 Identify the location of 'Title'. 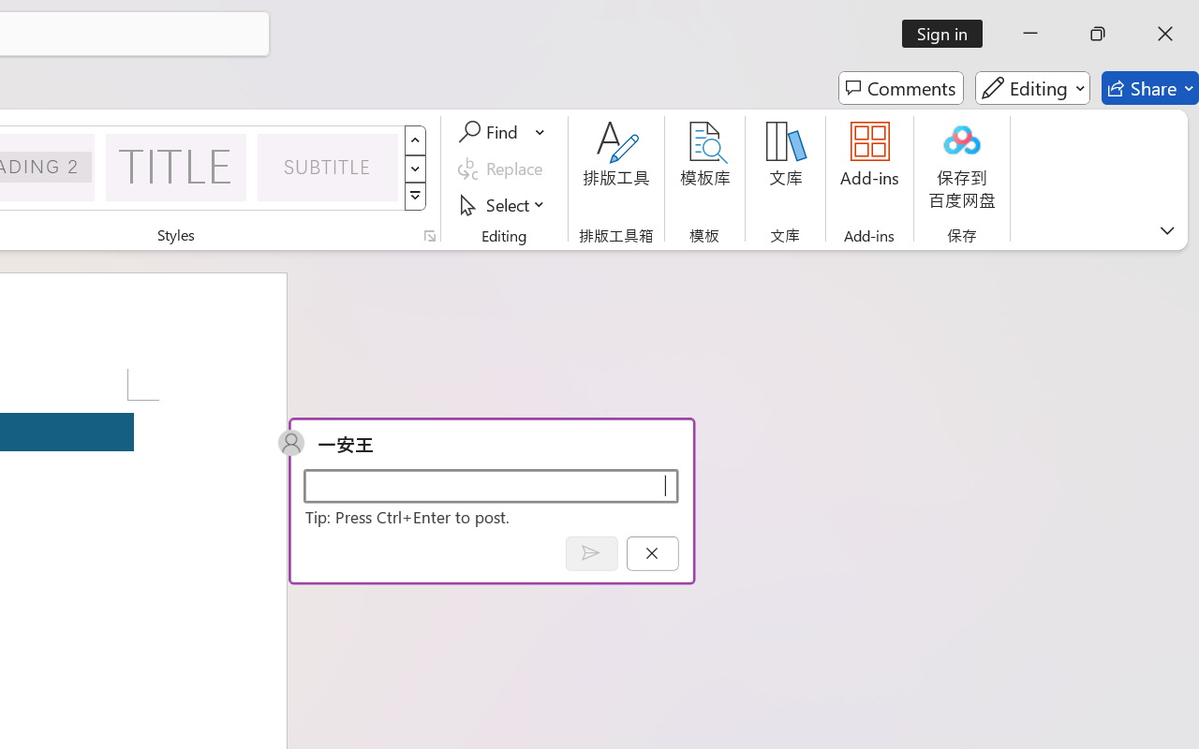
(176, 166).